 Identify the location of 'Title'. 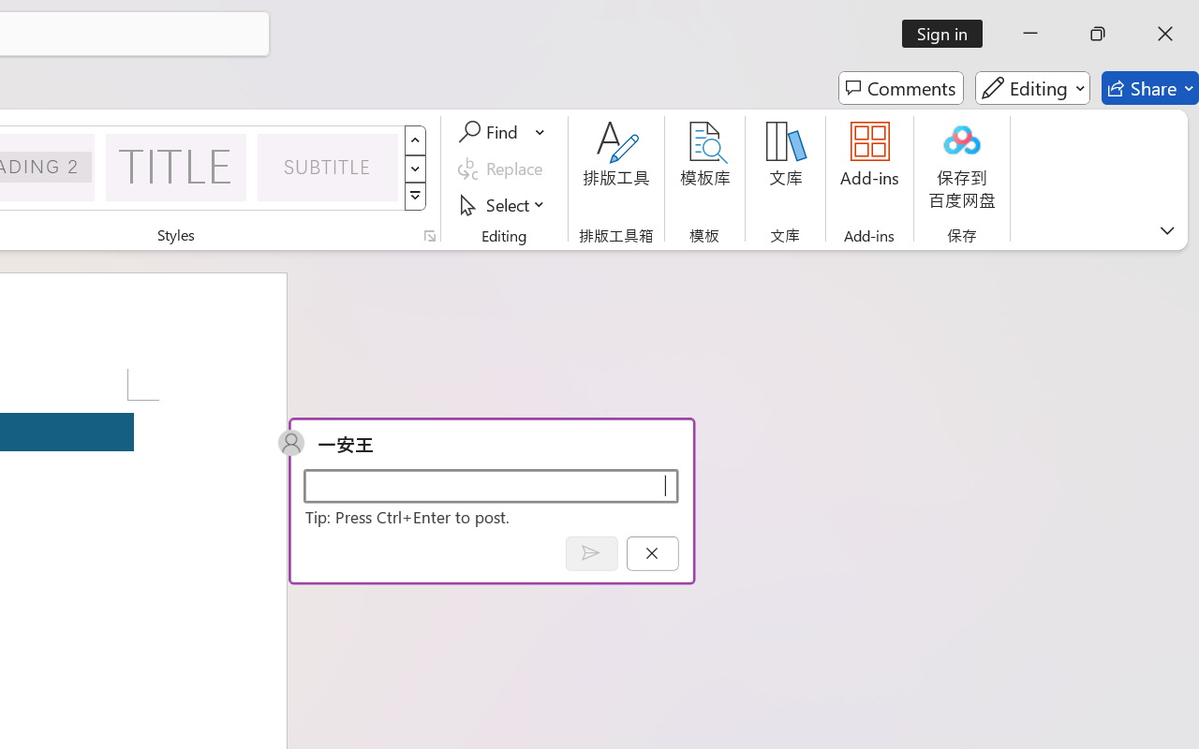
(176, 166).